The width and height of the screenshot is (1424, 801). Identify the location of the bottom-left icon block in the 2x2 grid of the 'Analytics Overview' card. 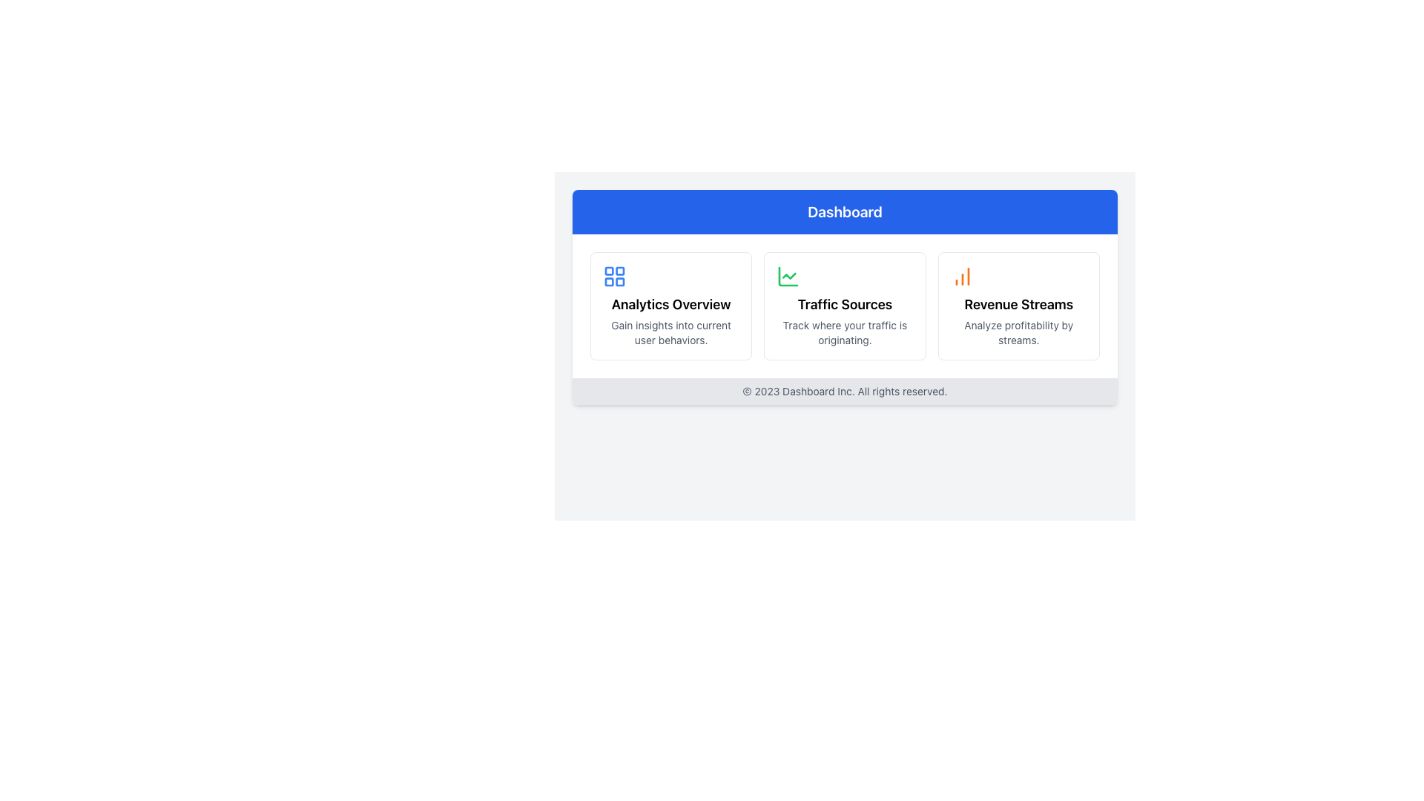
(609, 282).